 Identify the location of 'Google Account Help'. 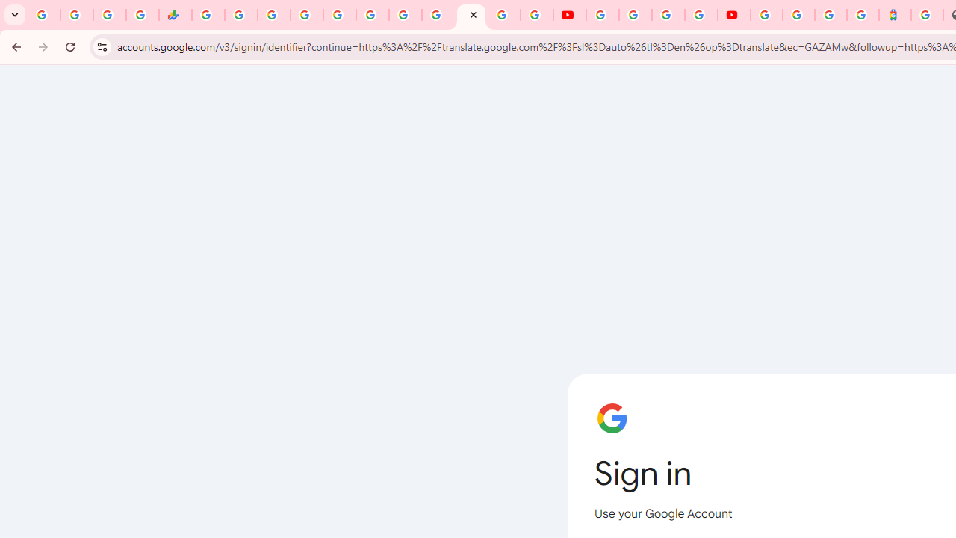
(636, 15).